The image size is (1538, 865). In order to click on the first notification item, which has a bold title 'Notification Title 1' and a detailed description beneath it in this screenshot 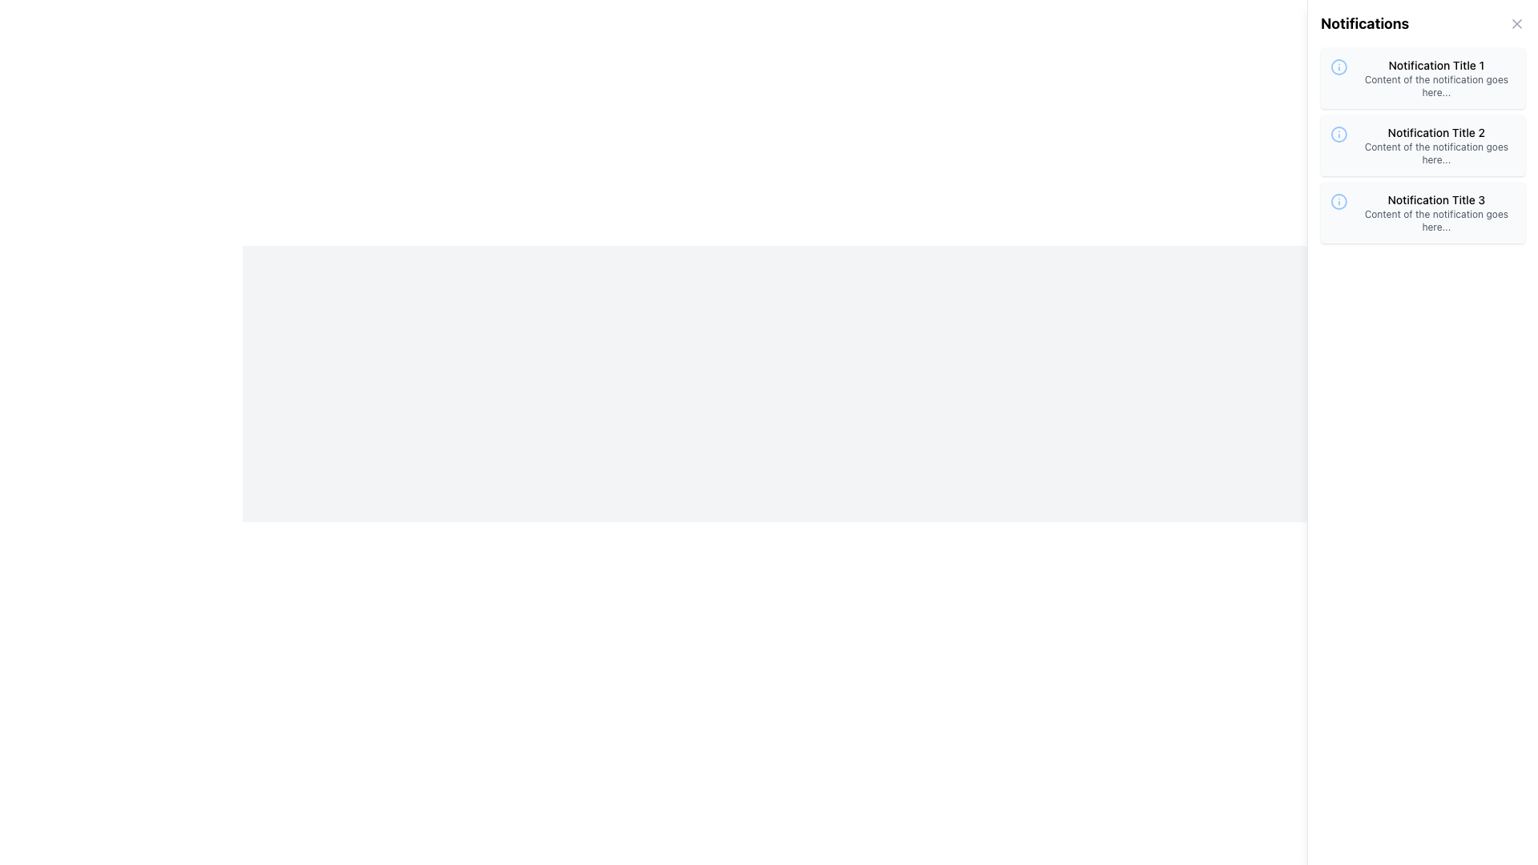, I will do `click(1436, 78)`.